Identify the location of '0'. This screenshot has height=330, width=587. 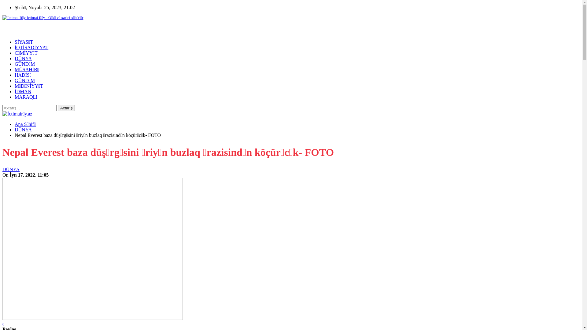
(2, 324).